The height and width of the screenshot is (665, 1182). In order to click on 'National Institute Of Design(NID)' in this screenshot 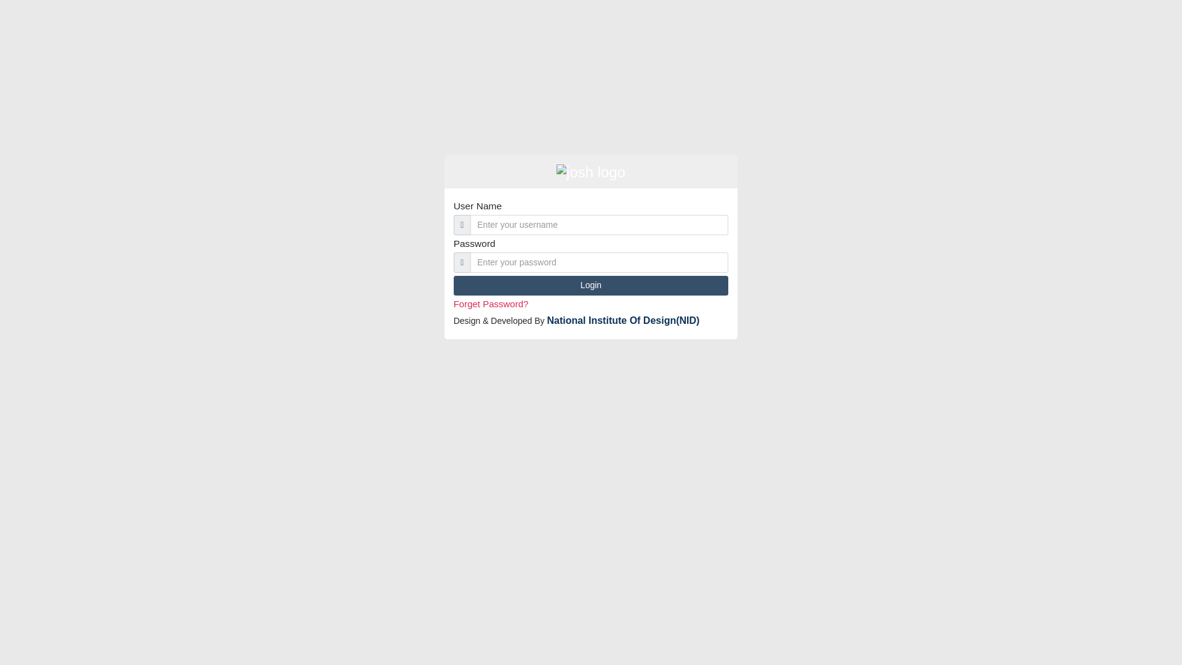, I will do `click(623, 320)`.